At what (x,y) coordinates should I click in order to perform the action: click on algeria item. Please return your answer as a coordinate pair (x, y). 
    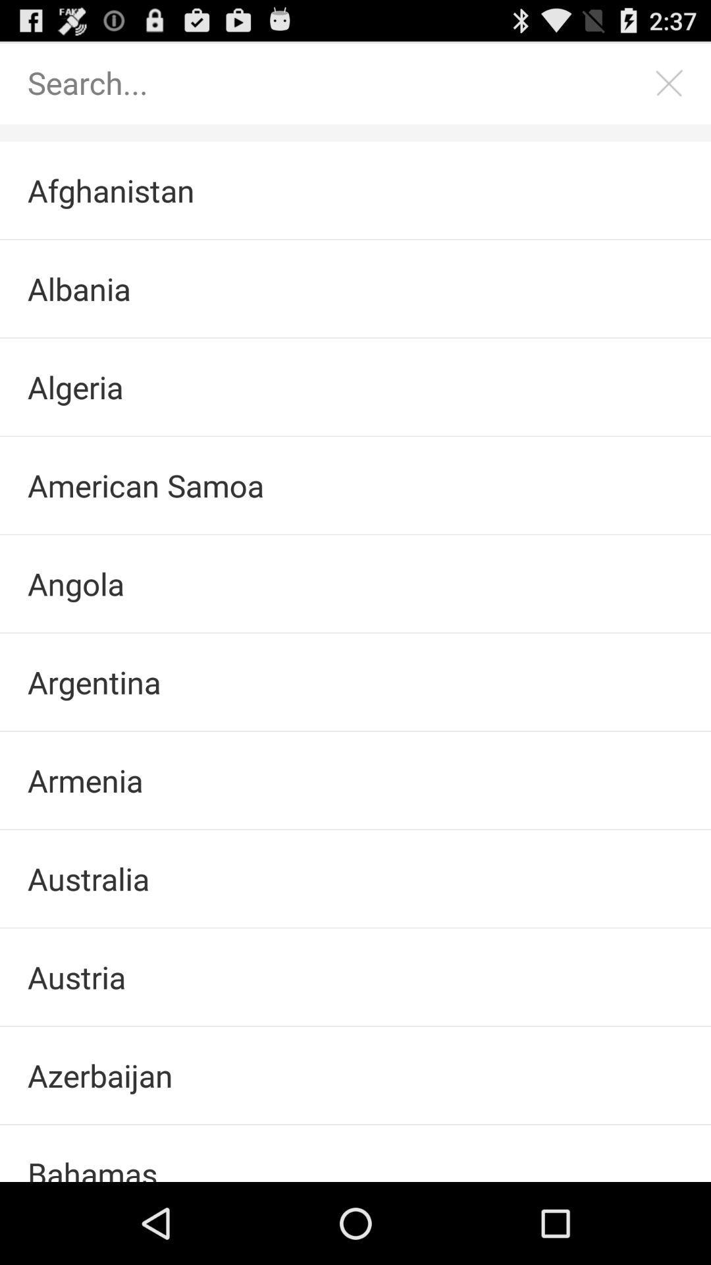
    Looking at the image, I should click on (355, 386).